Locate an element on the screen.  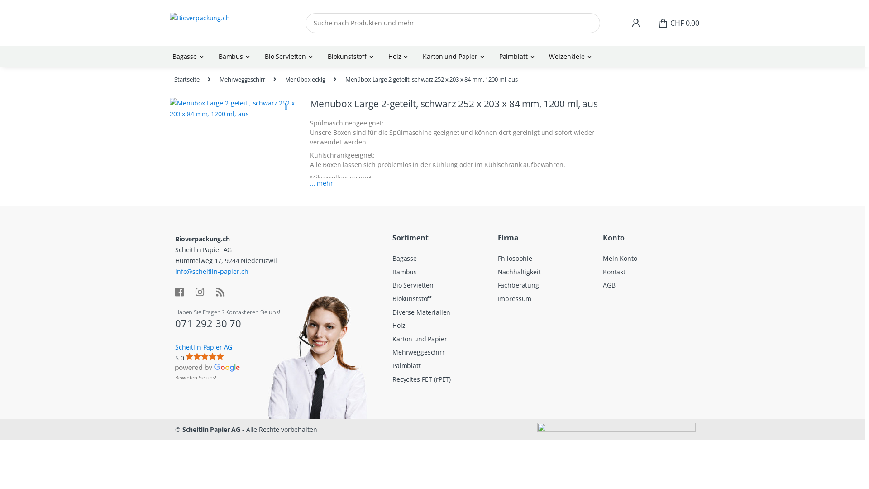
'Startseite' is located at coordinates (186, 79).